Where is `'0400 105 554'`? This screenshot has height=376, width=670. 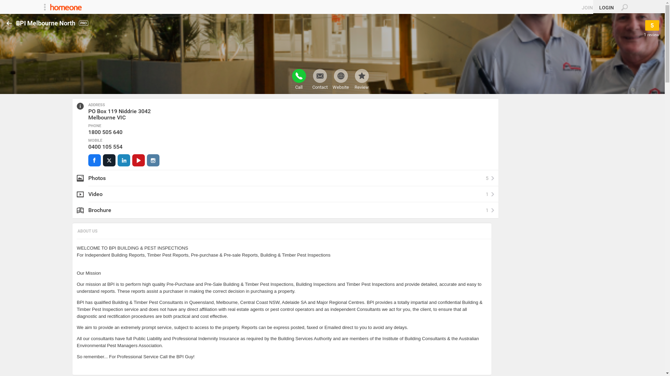
'0400 105 554' is located at coordinates (105, 146).